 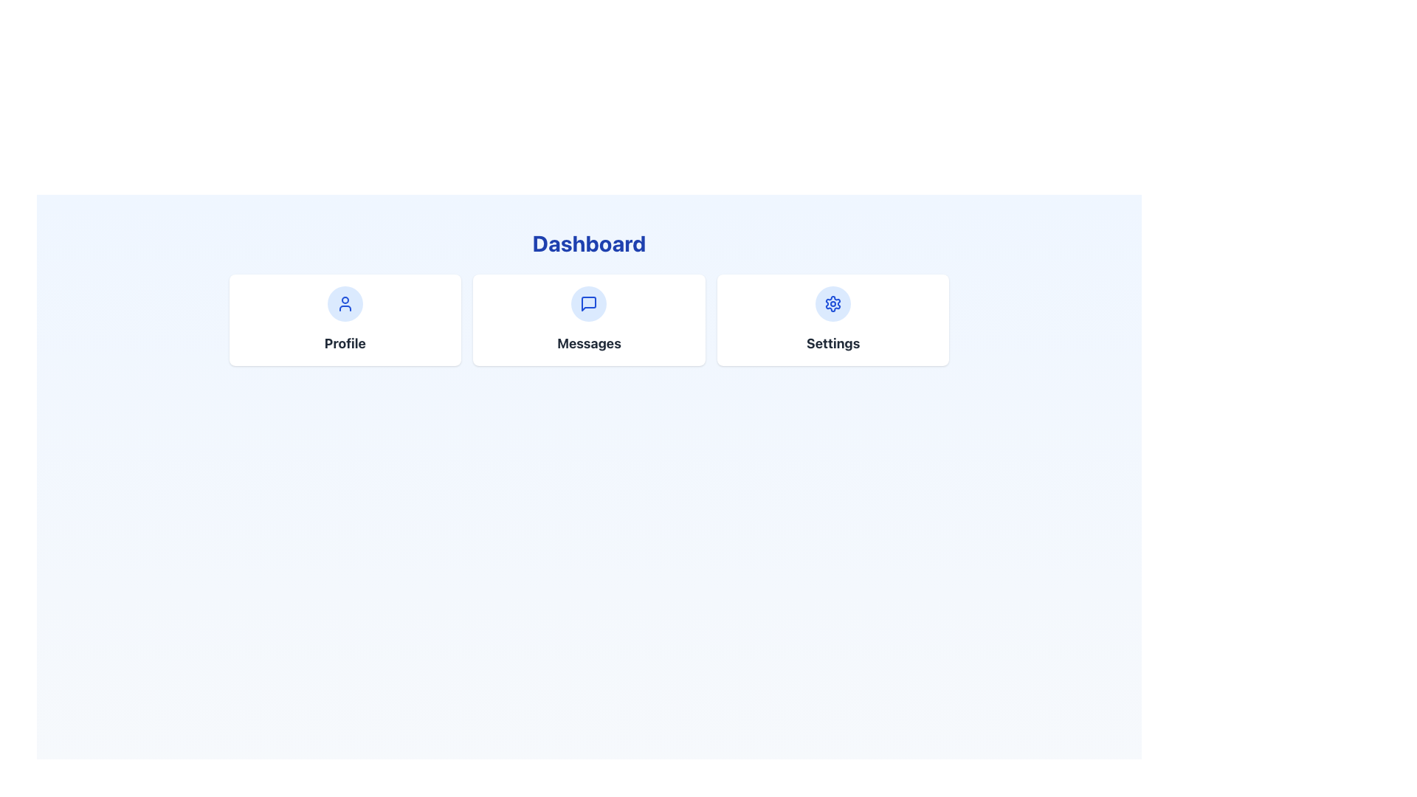 I want to click on the 'Messages' icon, which is positioned at the top center of the central card among three horizontally aligned groups, so click(x=588, y=303).